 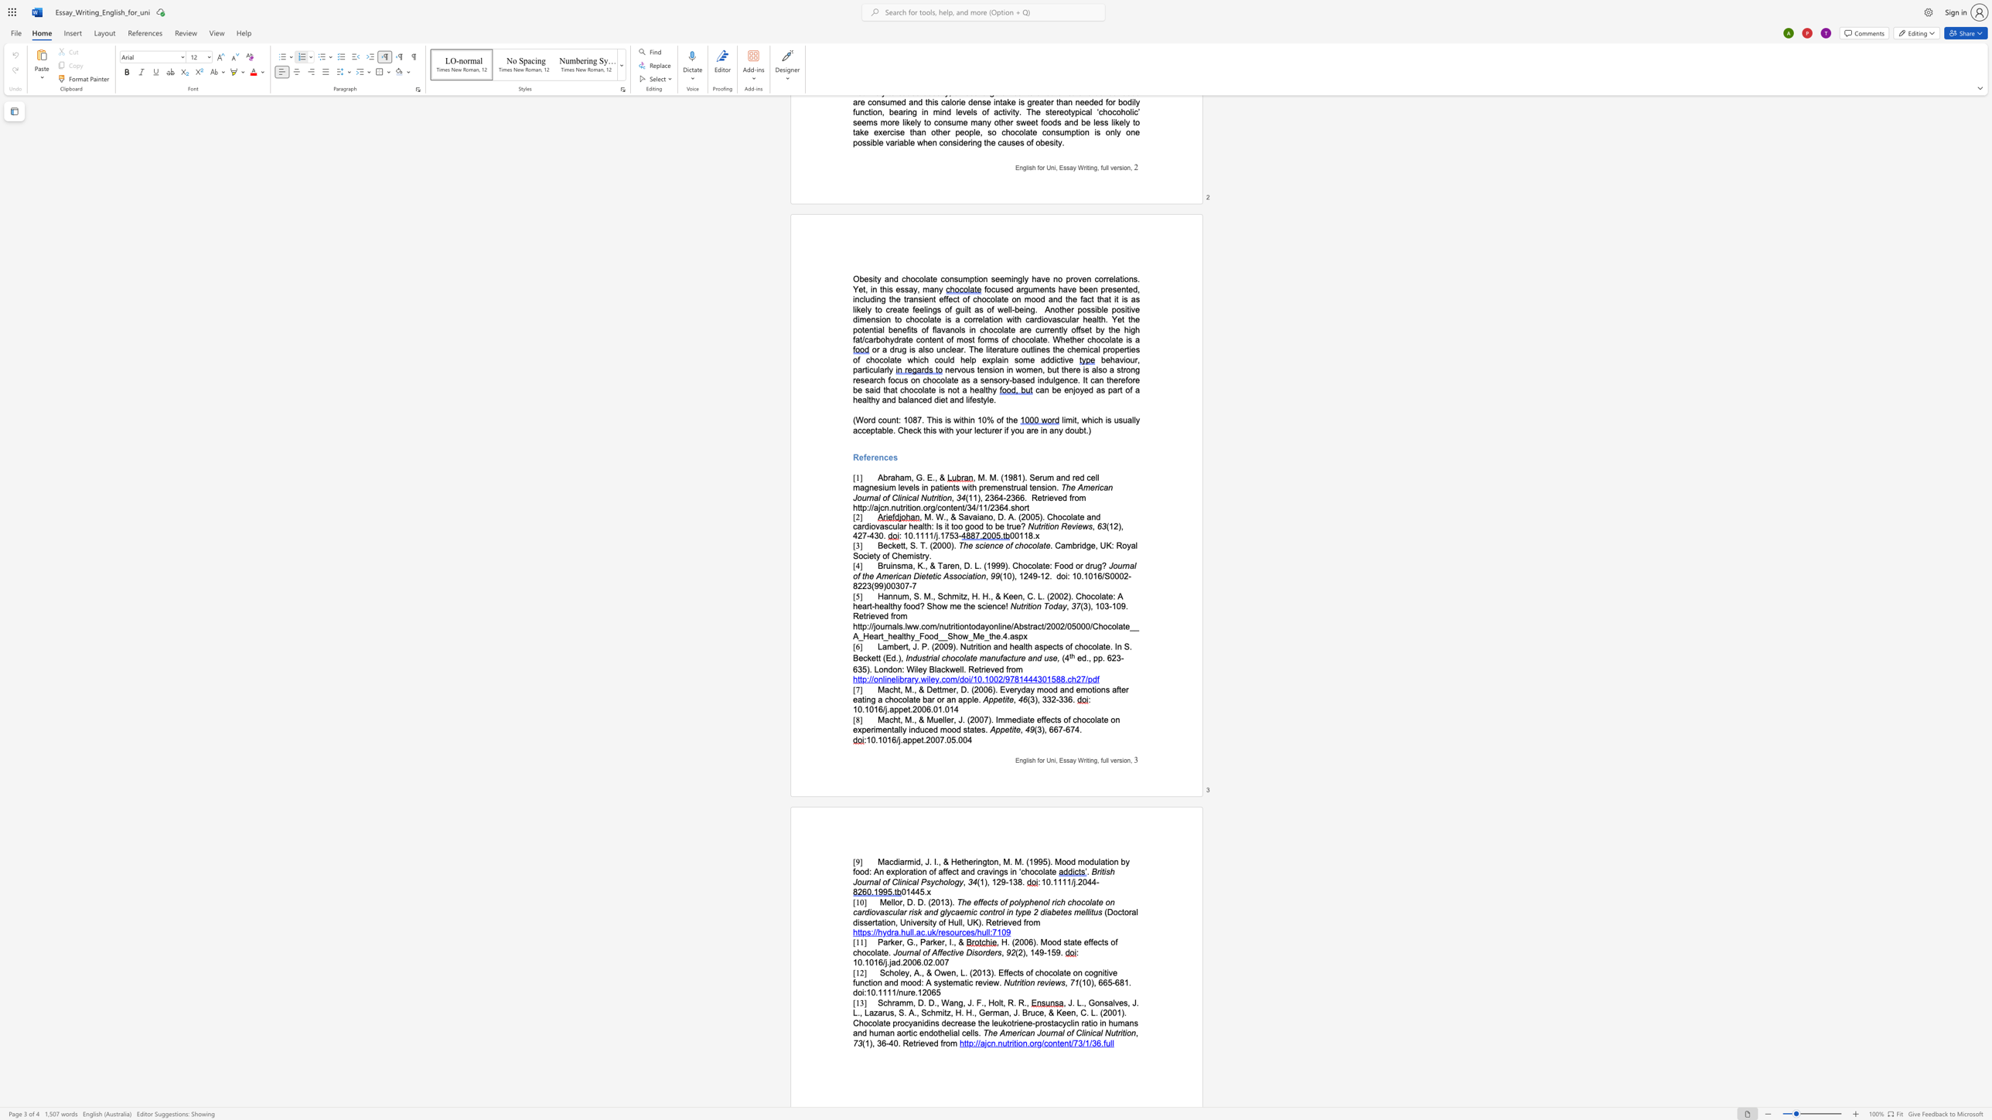 I want to click on the space between the continuous character "C" and "l" in the text, so click(x=896, y=881).